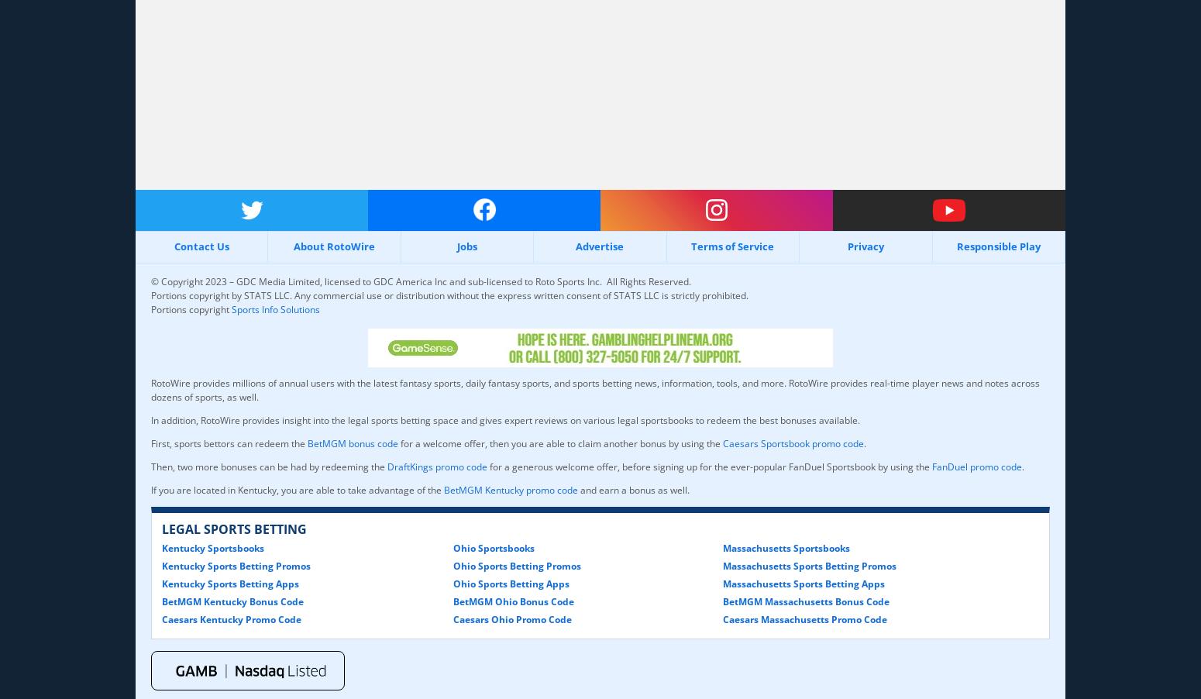 This screenshot has width=1201, height=699. Describe the element at coordinates (510, 488) in the screenshot. I see `'BetMGM Kentucky promo code'` at that location.